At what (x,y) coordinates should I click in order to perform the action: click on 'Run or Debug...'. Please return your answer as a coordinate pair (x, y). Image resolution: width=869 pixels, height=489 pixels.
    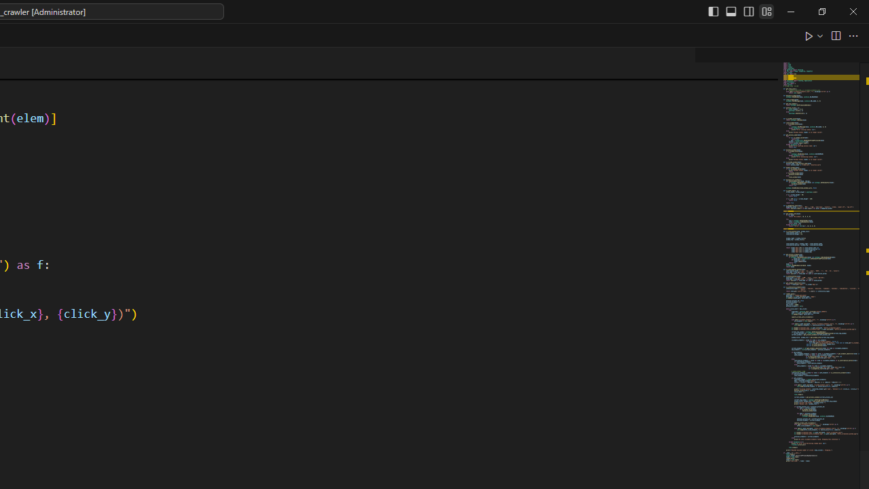
    Looking at the image, I should click on (819, 35).